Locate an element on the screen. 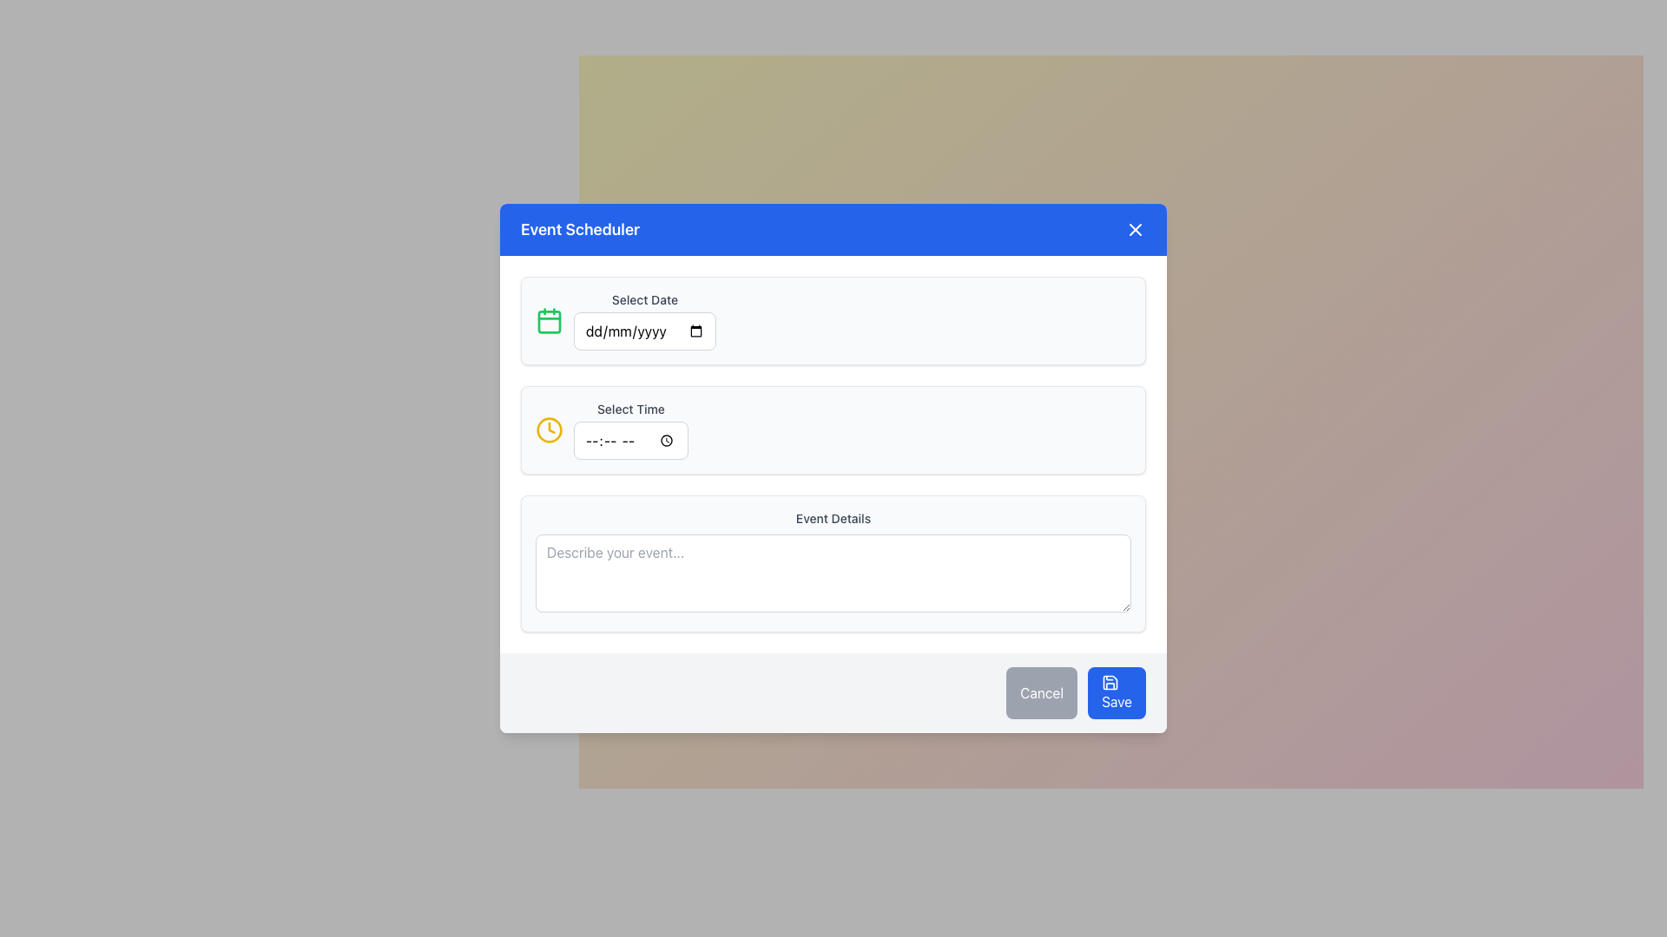 The height and width of the screenshot is (937, 1667). a time from the dropdown or clock interface of the Time Input Widget located centrally below the 'Select Date' section is located at coordinates (629, 429).